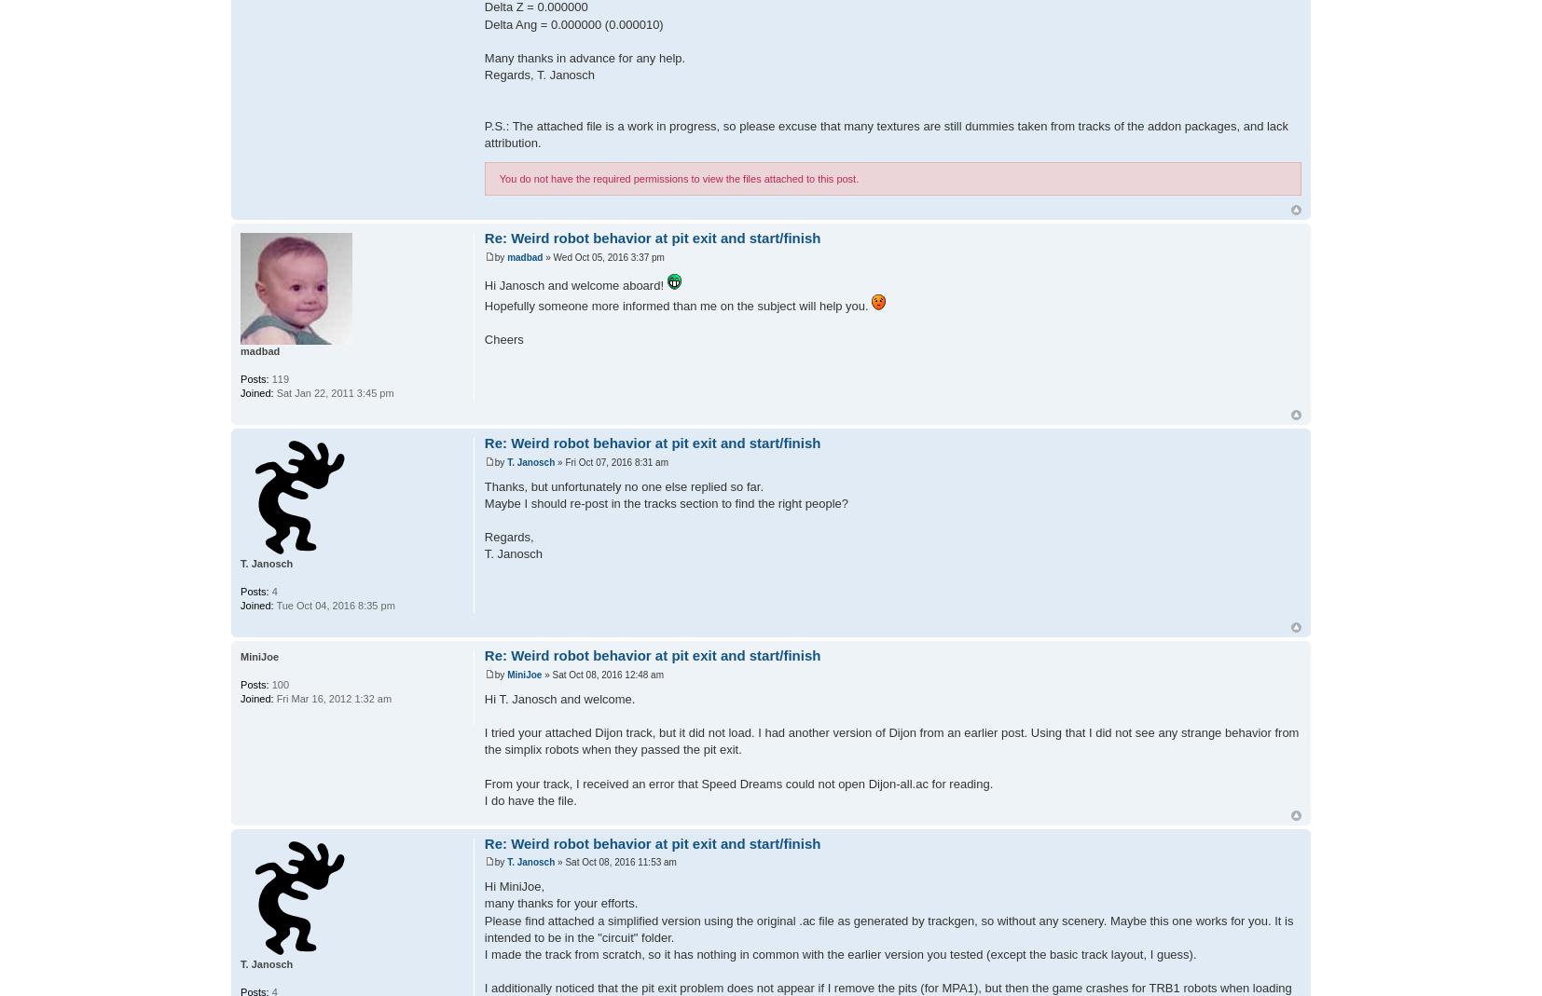  What do you see at coordinates (484, 928) in the screenshot?
I see `'Please find attached a simplified version using the original .ac file as generated by trackgen, so without any scenery. Maybe this one works for you. It is intended to be in the "circuit" folder.'` at bounding box center [484, 928].